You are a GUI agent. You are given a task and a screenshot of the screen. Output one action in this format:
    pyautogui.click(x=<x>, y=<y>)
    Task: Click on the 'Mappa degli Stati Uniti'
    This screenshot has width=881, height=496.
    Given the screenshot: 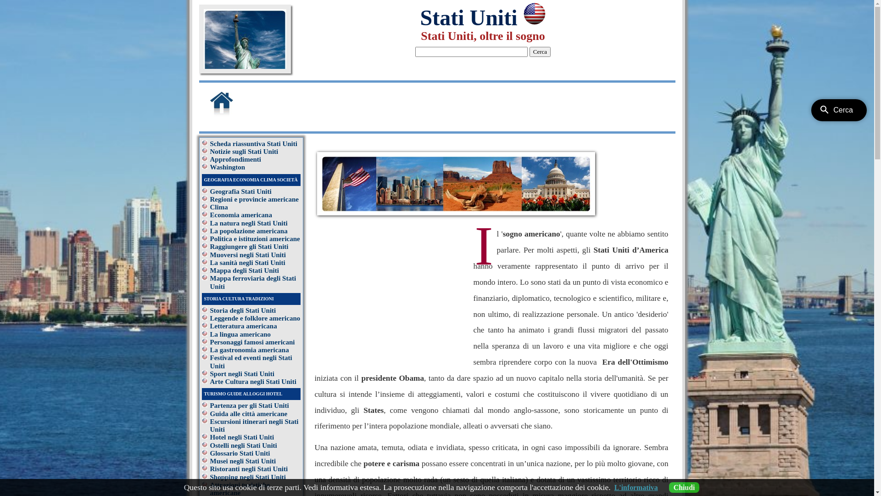 What is the action you would take?
    pyautogui.click(x=209, y=270)
    